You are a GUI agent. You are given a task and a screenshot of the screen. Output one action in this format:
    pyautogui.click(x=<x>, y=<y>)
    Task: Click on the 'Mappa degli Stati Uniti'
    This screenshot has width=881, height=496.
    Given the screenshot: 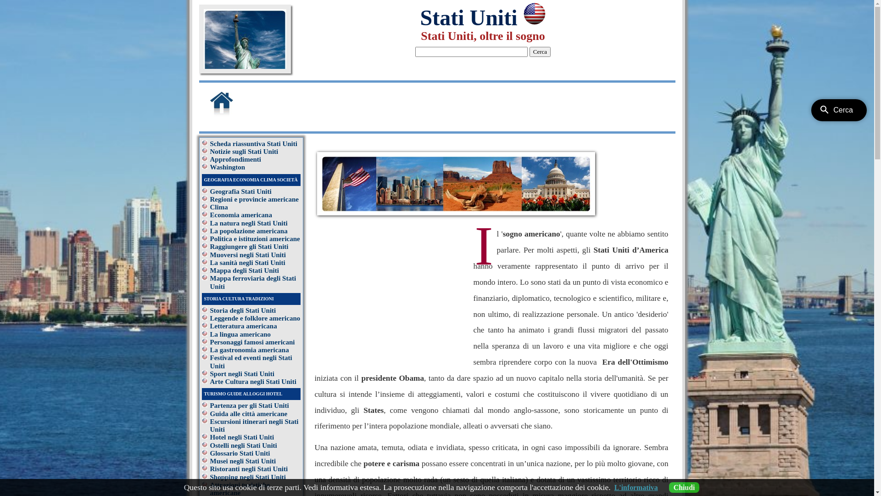 What is the action you would take?
    pyautogui.click(x=209, y=270)
    